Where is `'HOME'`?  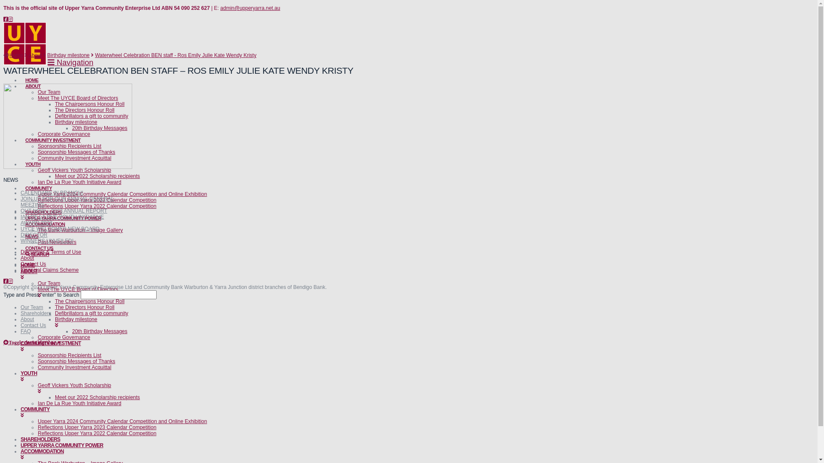
'HOME' is located at coordinates (31, 78).